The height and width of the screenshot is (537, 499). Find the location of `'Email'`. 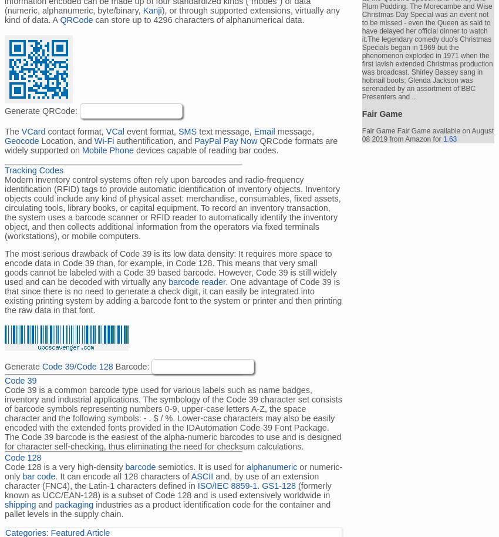

'Email' is located at coordinates (263, 132).